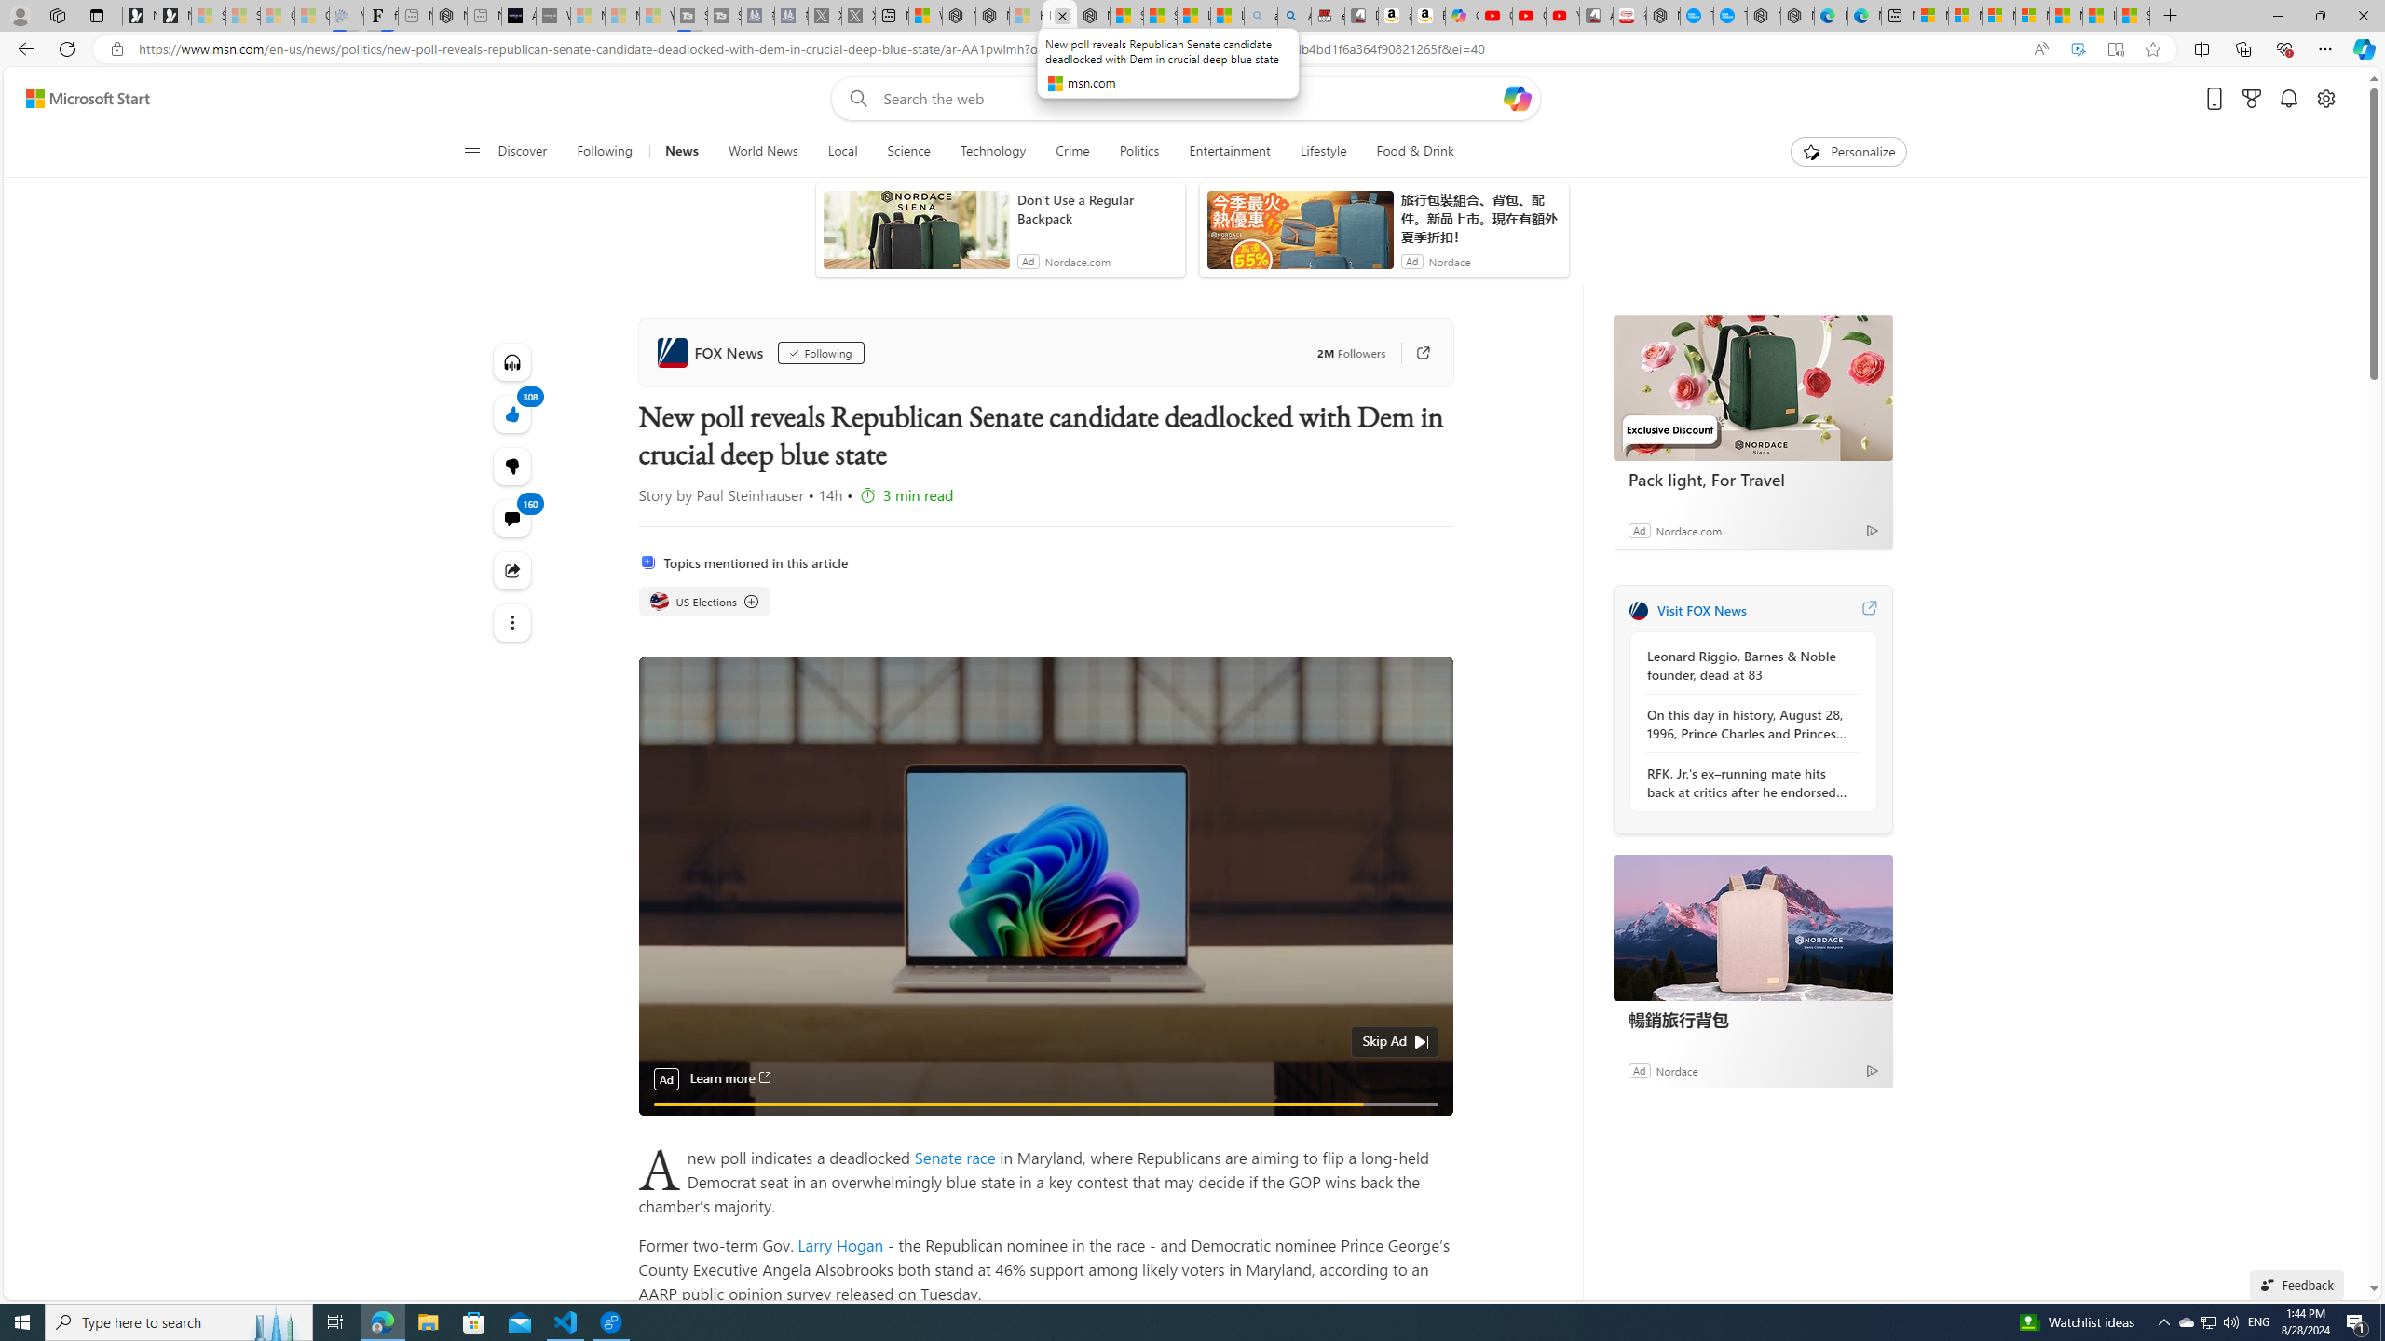  Describe the element at coordinates (1292, 15) in the screenshot. I see `'Amazon Echo Dot PNG - Search Images'` at that location.